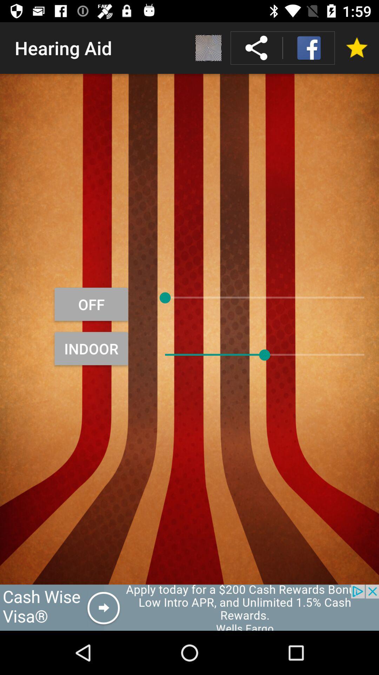 The width and height of the screenshot is (379, 675). I want to click on advertisement, so click(189, 607).